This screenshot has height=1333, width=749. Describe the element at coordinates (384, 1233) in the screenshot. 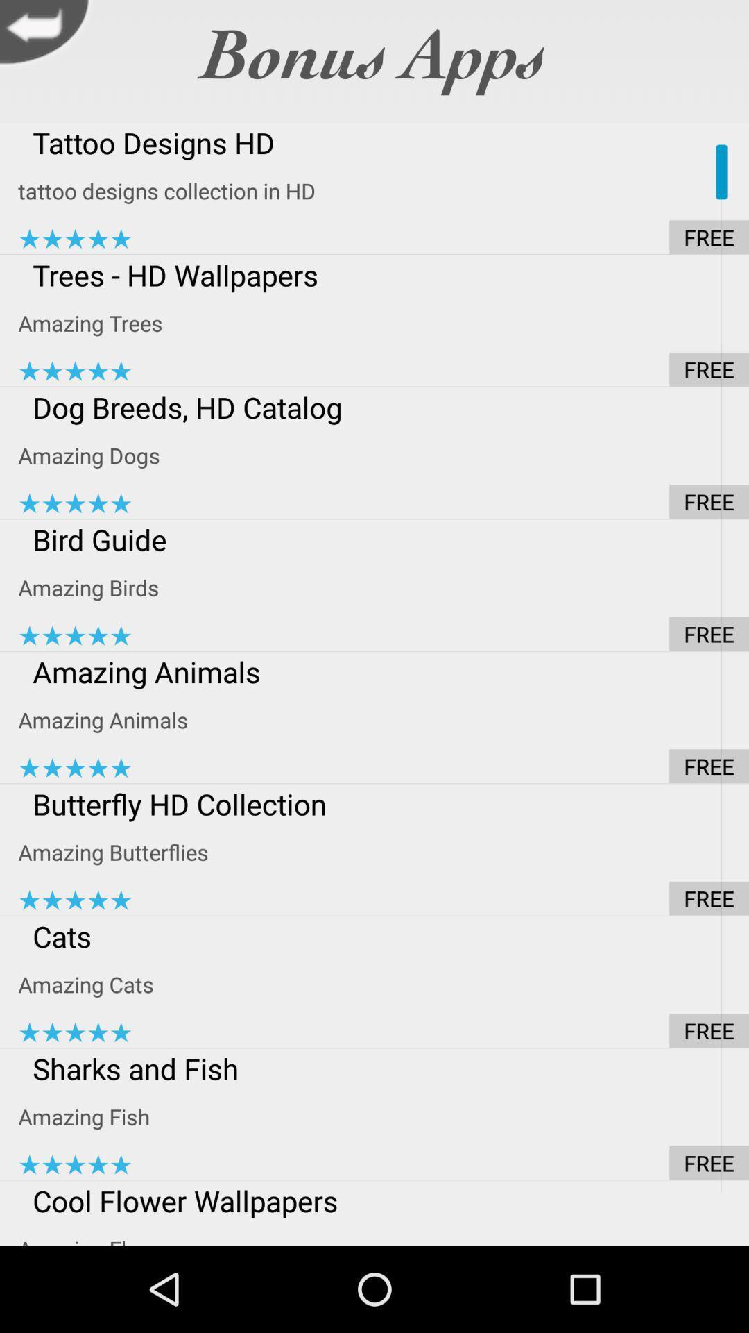

I see `the amazing flowers  icon` at that location.